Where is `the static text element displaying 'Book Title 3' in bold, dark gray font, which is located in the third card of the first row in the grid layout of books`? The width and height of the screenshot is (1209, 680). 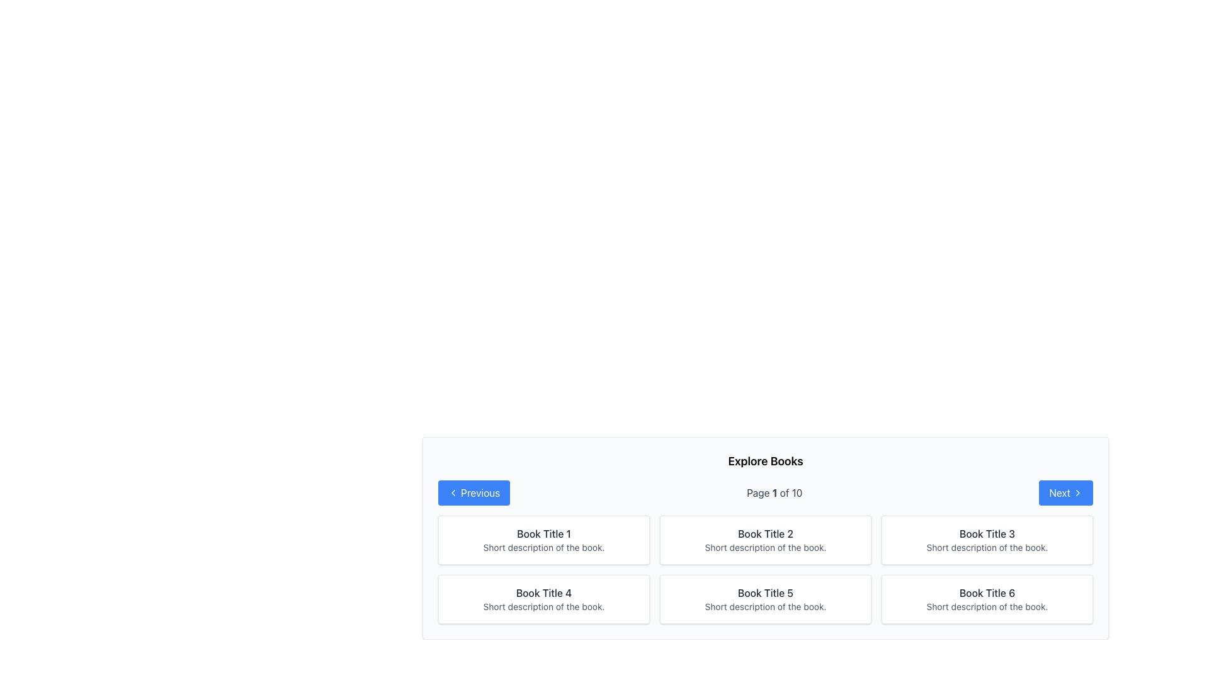
the static text element displaying 'Book Title 3' in bold, dark gray font, which is located in the third card of the first row in the grid layout of books is located at coordinates (987, 534).